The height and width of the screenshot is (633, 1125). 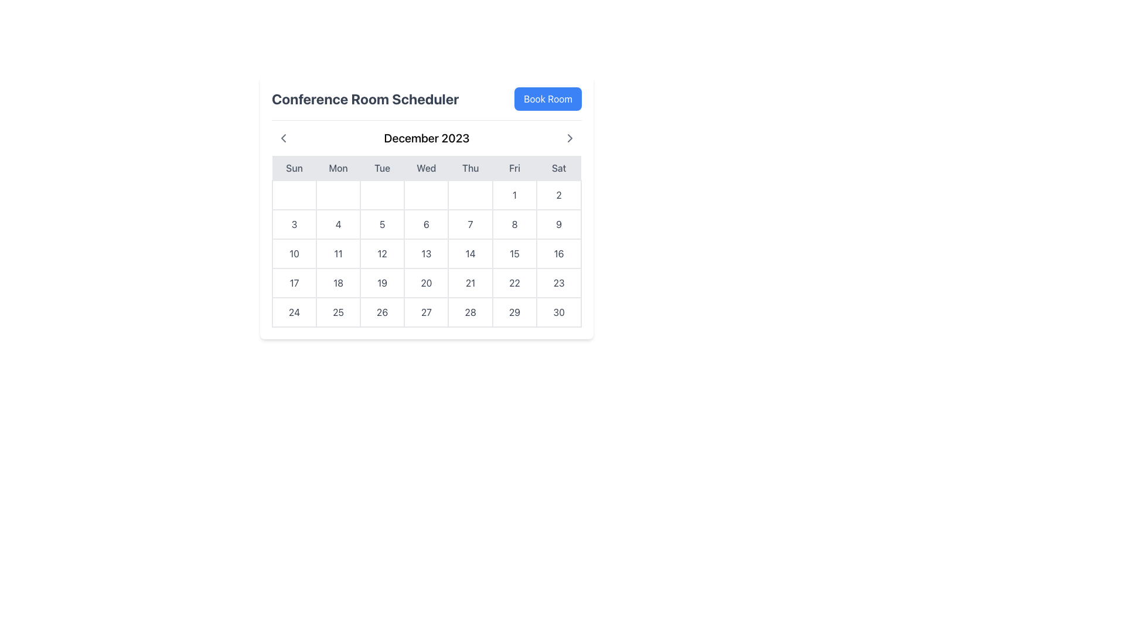 What do you see at coordinates (514, 283) in the screenshot?
I see `the Date cell component` at bounding box center [514, 283].